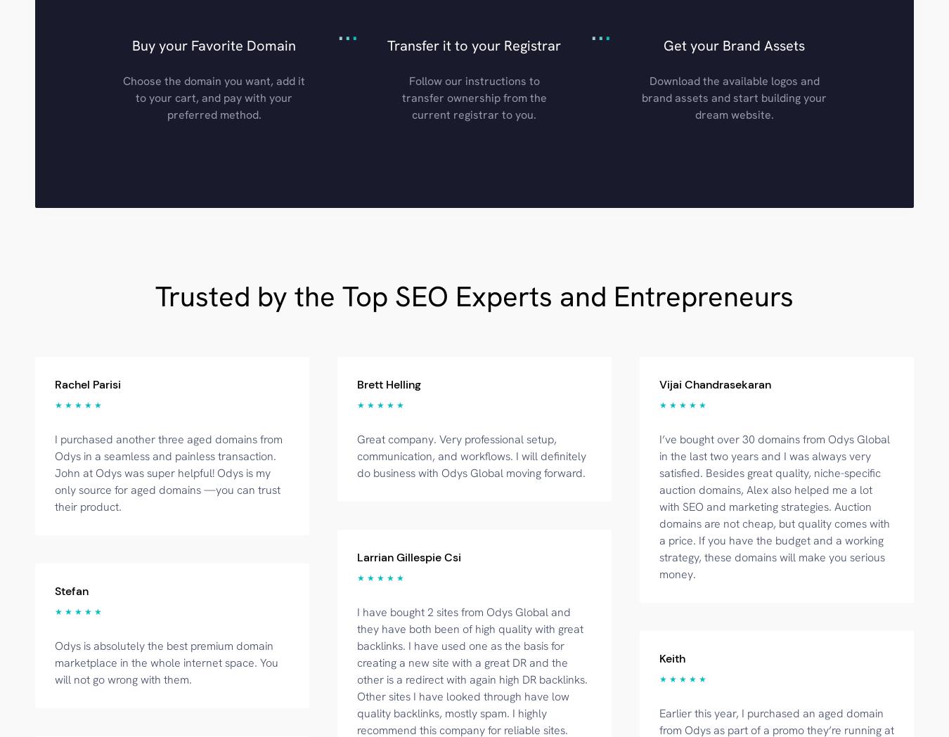 This screenshot has width=949, height=737. What do you see at coordinates (168, 471) in the screenshot?
I see `'I purchased another three aged domains from Odys in a seamless and painless transaction. John at Odys was super helpful! Odys is my only source for aged domains —you can trust their product.'` at bounding box center [168, 471].